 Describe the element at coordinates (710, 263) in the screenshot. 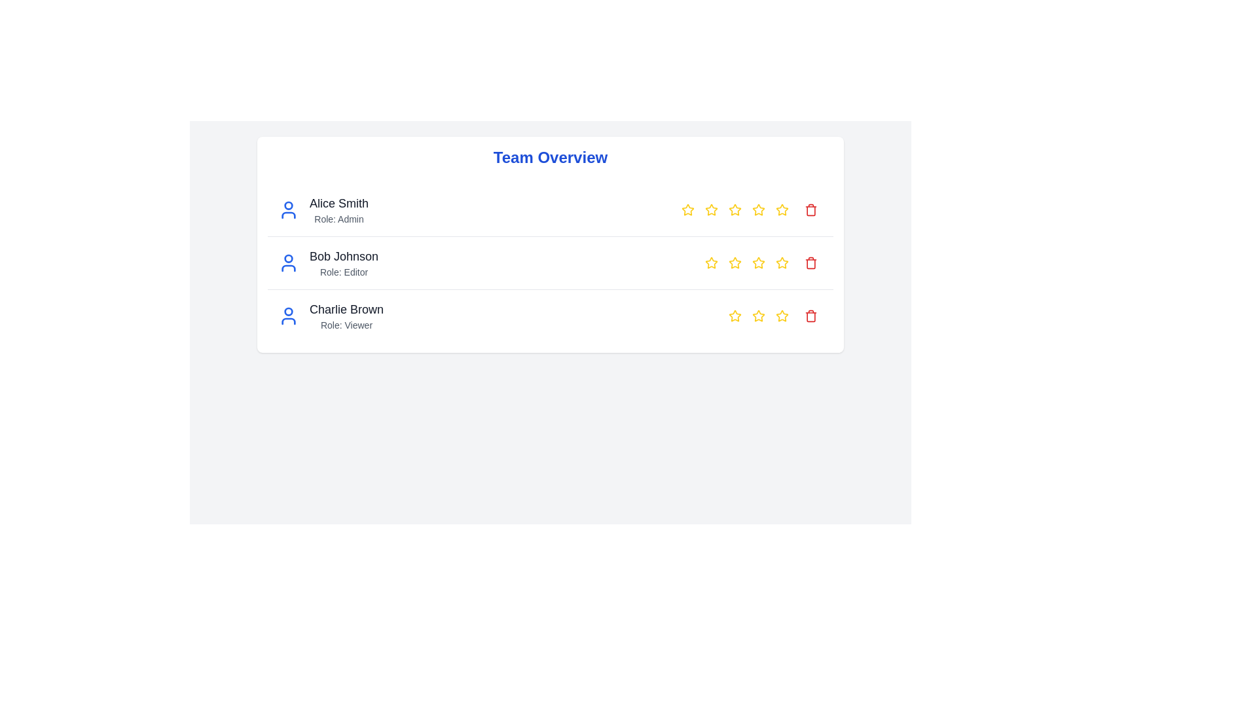

I see `the second star icon to rate 'Bob Johnson' under the 'Team Overview' section` at that location.